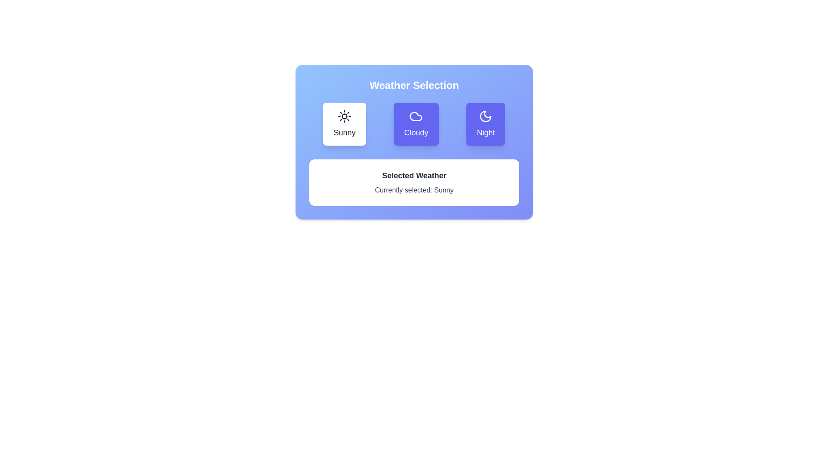  What do you see at coordinates (345, 132) in the screenshot?
I see `text label that describes the 'Sunny' weather condition, positioned below the sun icon in the 'Weather Selection' panel` at bounding box center [345, 132].